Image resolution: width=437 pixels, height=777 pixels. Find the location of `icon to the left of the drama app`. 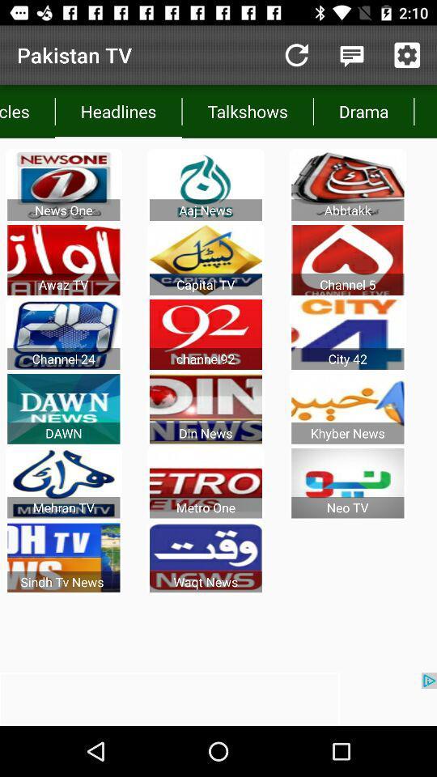

icon to the left of the drama app is located at coordinates (248, 110).